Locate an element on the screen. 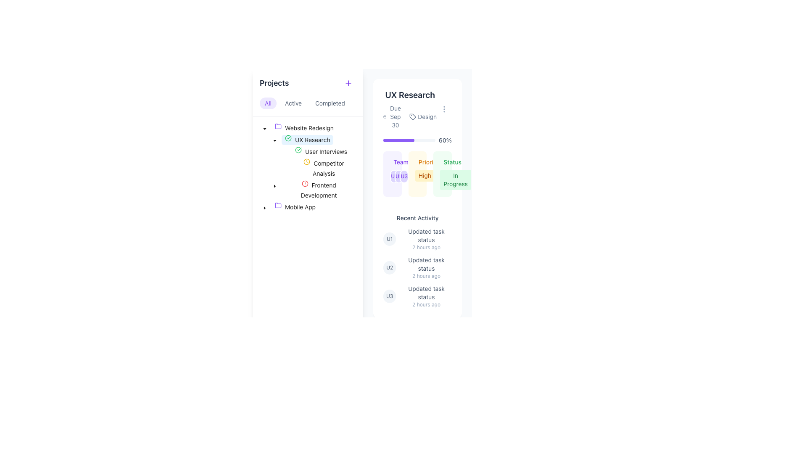  the user identifier text label located in the circular area at the top-left corner of the 'Team' section is located at coordinates (389, 296).